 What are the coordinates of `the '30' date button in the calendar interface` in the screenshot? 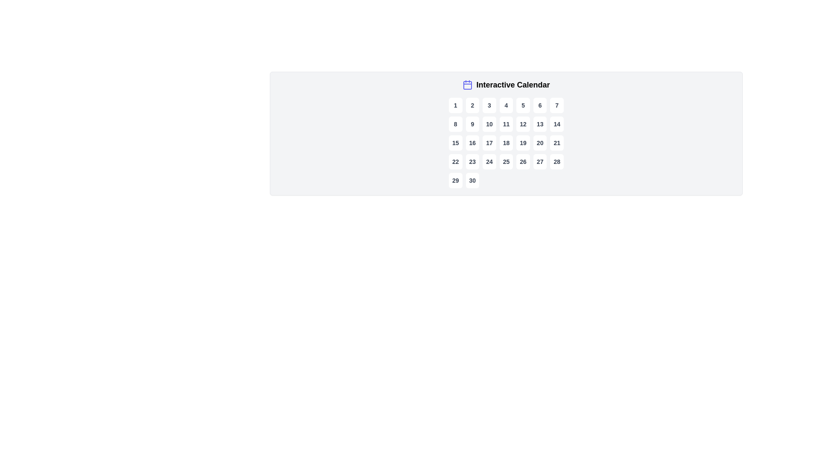 It's located at (472, 180).